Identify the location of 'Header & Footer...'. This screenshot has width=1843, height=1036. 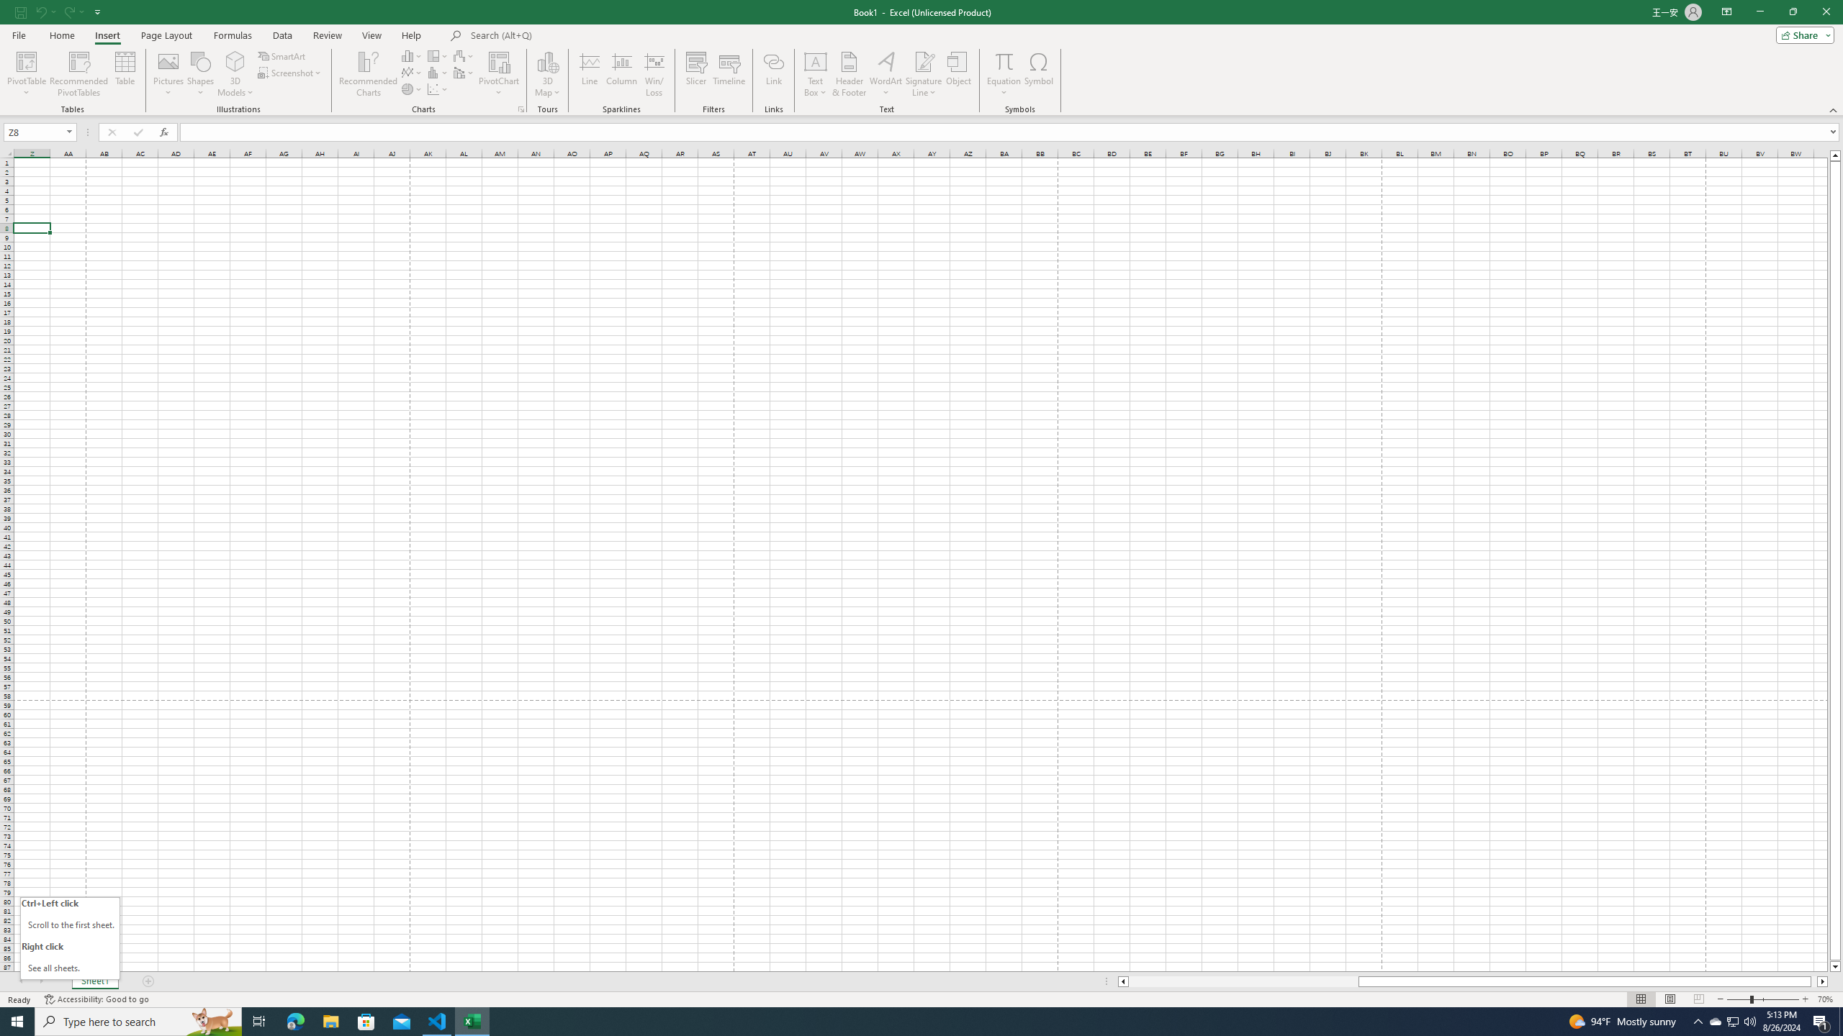
(849, 74).